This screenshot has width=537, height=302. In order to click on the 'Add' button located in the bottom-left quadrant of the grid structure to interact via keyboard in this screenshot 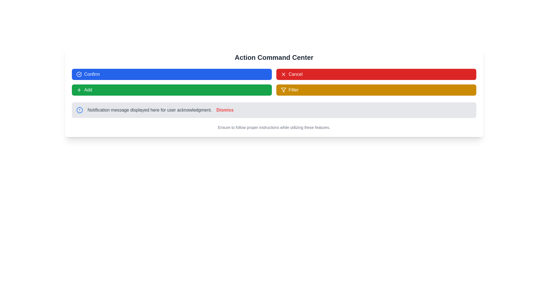, I will do `click(171, 89)`.